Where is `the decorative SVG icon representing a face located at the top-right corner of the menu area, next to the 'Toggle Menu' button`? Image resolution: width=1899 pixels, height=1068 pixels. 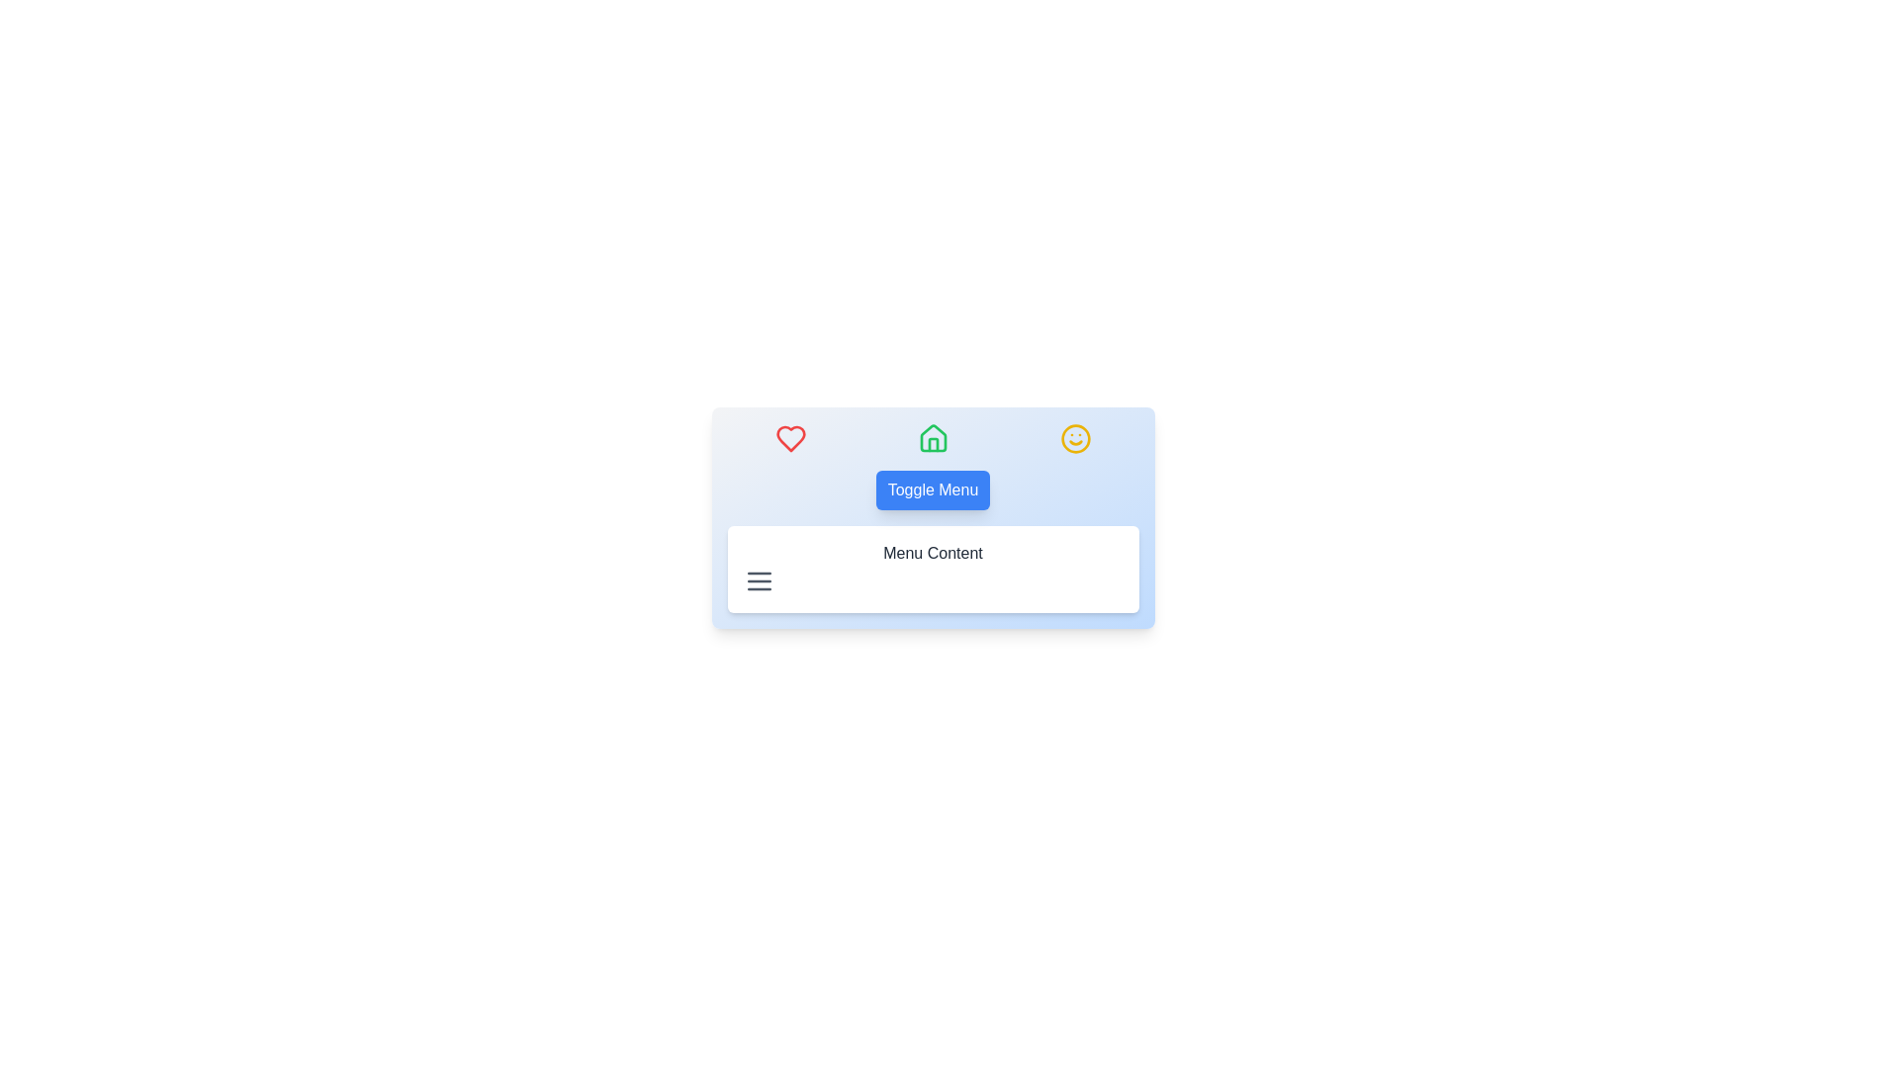
the decorative SVG icon representing a face located at the top-right corner of the menu area, next to the 'Toggle Menu' button is located at coordinates (1074, 437).